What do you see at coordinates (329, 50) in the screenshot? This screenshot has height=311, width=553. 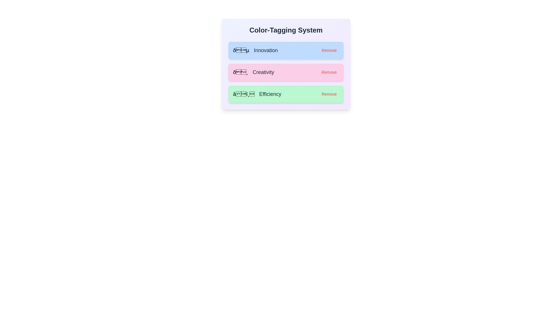 I see `the 'Remove' button next to the tag labeled Innovation` at bounding box center [329, 50].